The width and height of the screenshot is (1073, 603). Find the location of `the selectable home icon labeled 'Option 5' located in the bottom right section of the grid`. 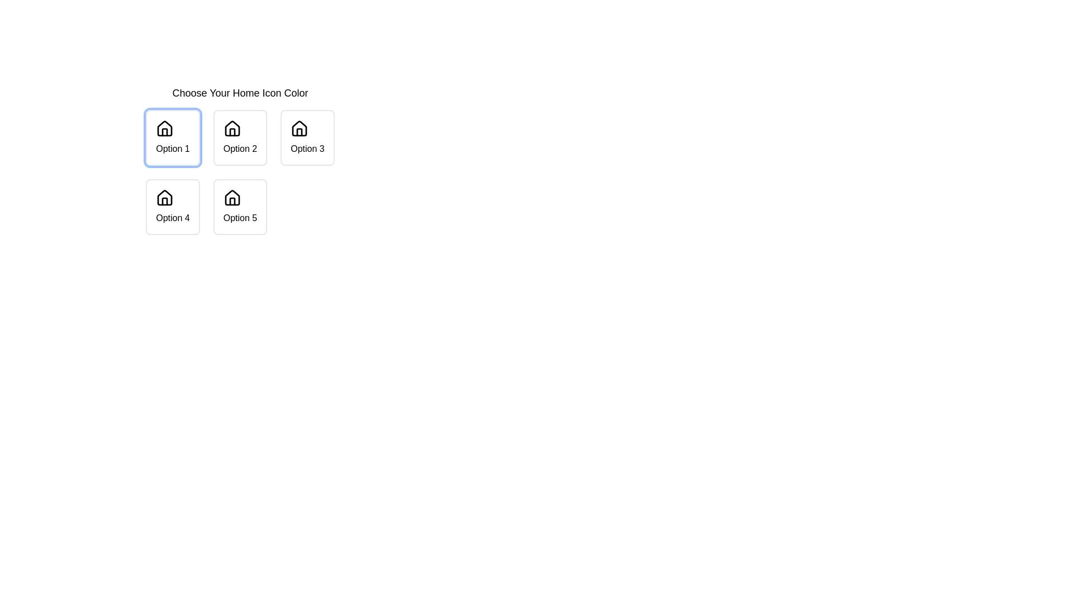

the selectable home icon labeled 'Option 5' located in the bottom right section of the grid is located at coordinates (231, 197).